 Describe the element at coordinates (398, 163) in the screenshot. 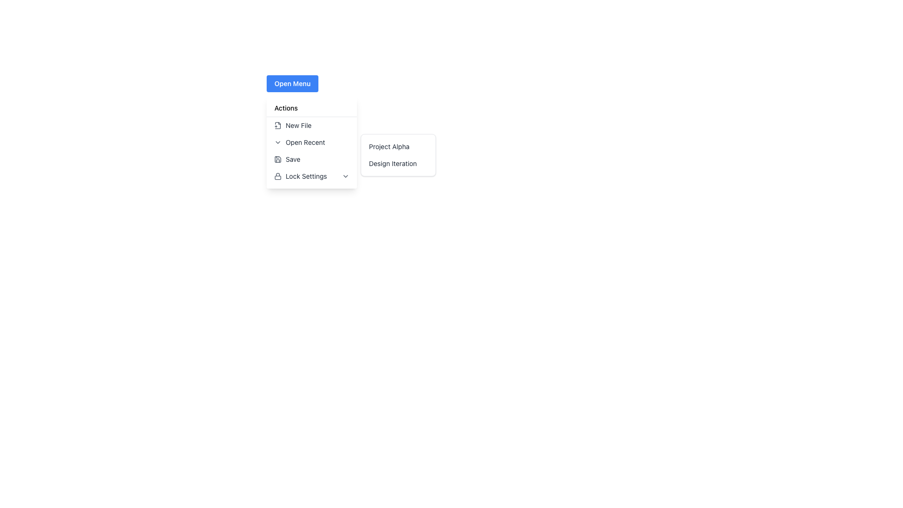

I see `the Interactive text menu item for 'Design Iteration' located under the dropdown menu, which is the second option below 'Project Alpha'` at that location.